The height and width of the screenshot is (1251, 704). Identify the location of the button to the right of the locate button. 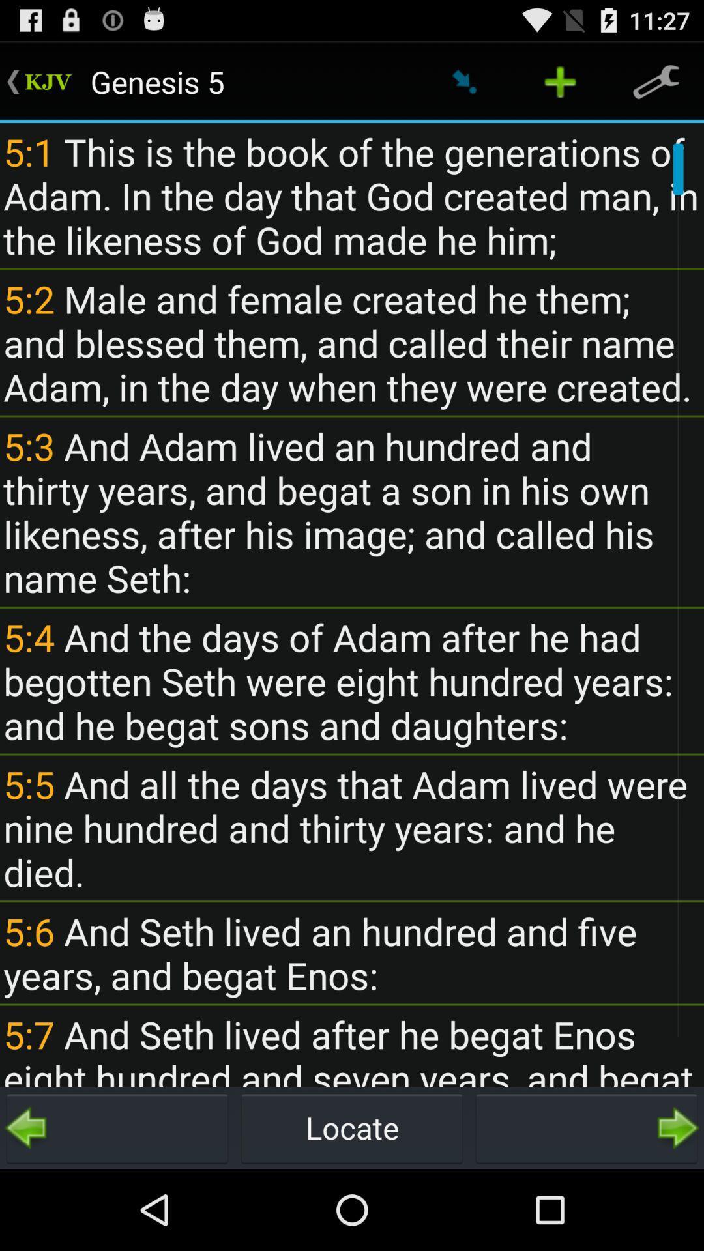
(585, 1127).